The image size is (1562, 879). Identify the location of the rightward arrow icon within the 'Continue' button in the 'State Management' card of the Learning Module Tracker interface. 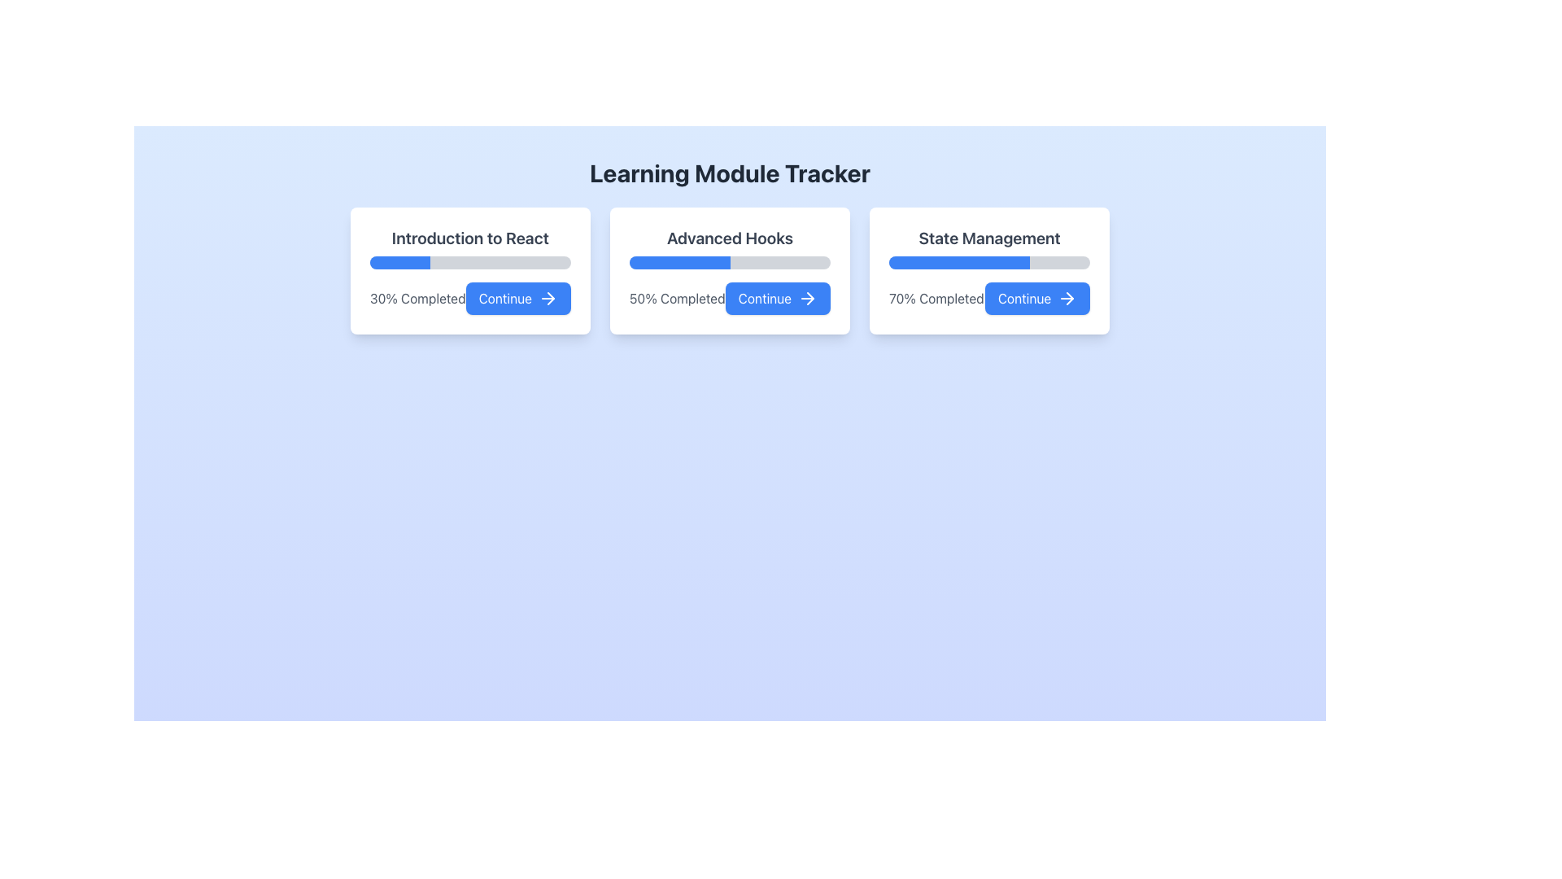
(1070, 298).